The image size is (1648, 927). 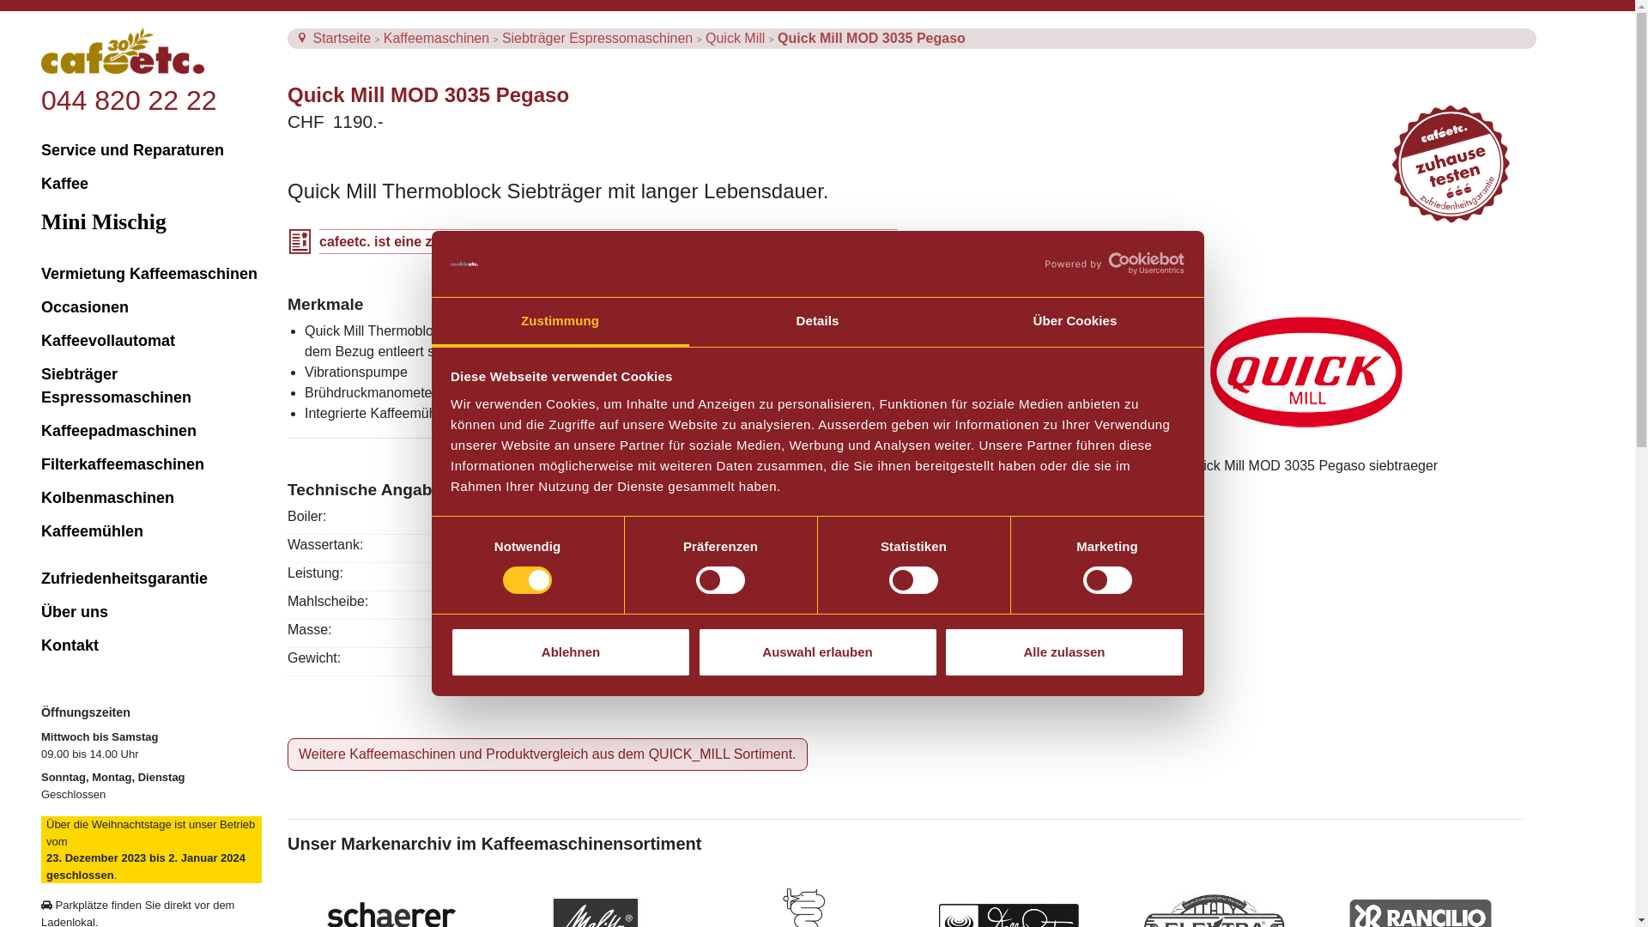 What do you see at coordinates (41, 341) in the screenshot?
I see `'Kaffeevollautomat'` at bounding box center [41, 341].